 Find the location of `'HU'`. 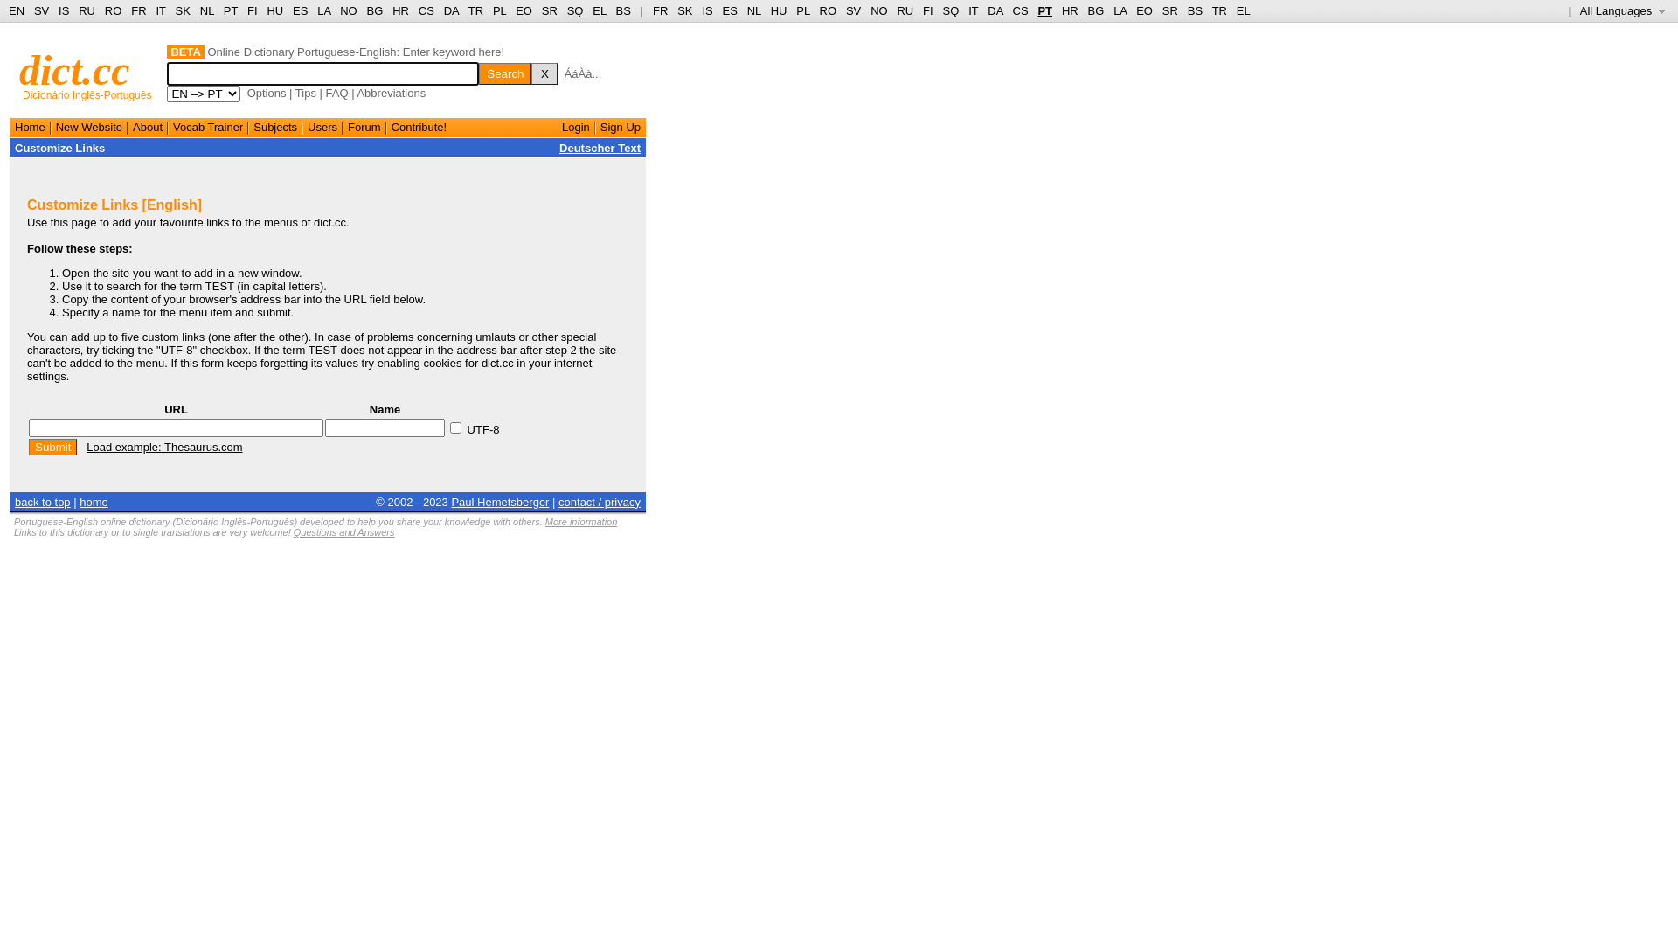

'HU' is located at coordinates (778, 10).